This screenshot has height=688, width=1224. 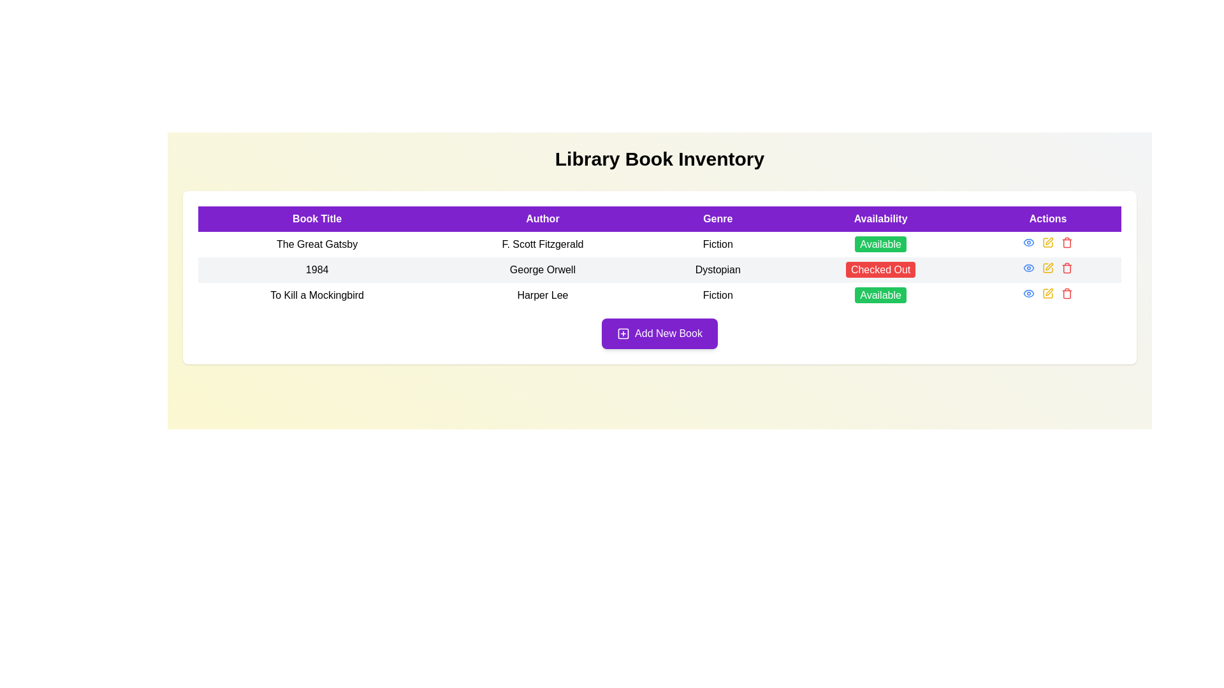 I want to click on the edit icon in the 'Actions' column for the book '1984' to initiate the edit action, so click(x=1049, y=265).